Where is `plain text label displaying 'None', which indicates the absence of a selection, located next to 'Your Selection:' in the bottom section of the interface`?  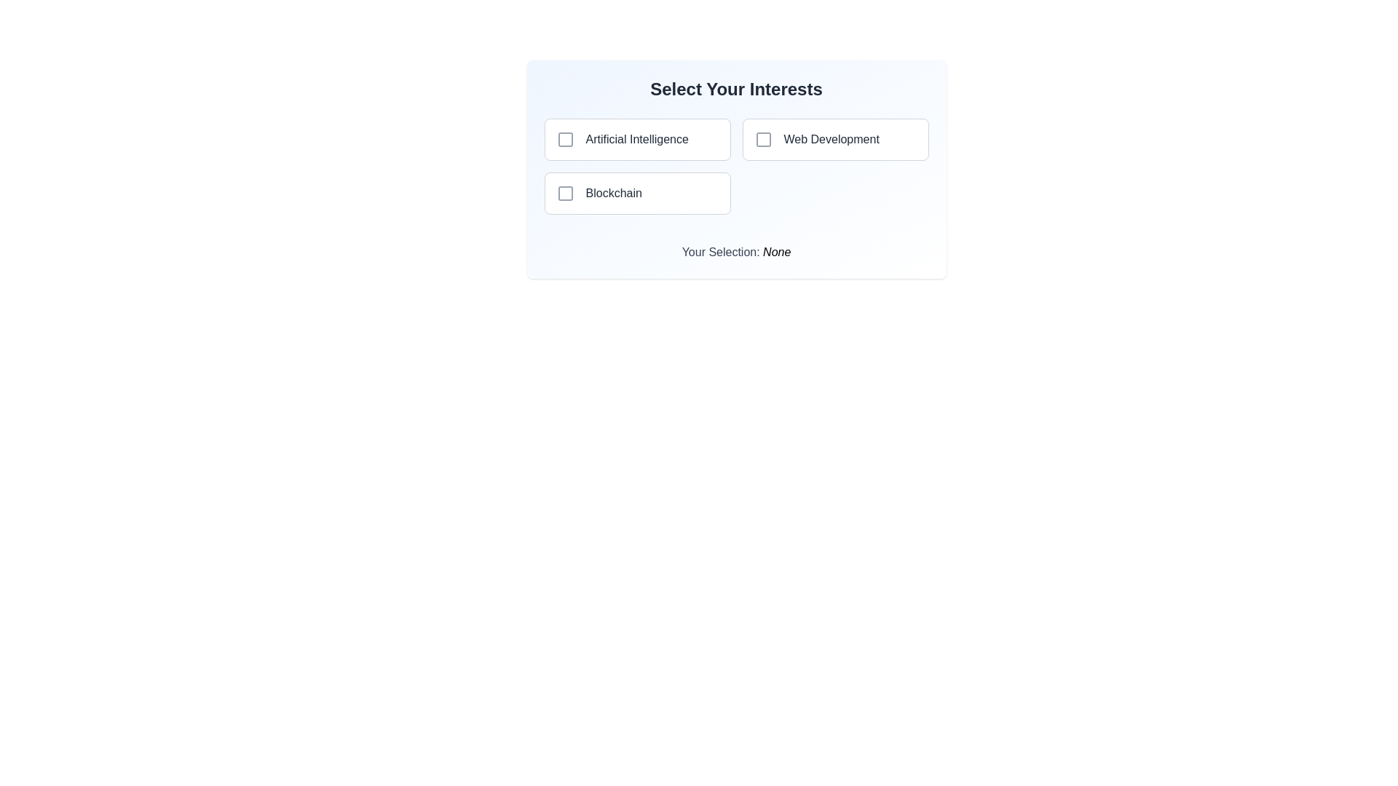 plain text label displaying 'None', which indicates the absence of a selection, located next to 'Your Selection:' in the bottom section of the interface is located at coordinates (776, 251).